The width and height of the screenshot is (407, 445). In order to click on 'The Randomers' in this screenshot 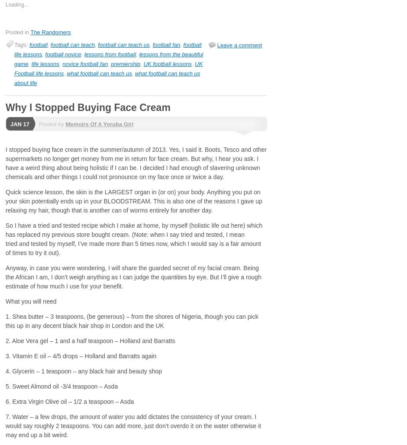, I will do `click(30, 32)`.